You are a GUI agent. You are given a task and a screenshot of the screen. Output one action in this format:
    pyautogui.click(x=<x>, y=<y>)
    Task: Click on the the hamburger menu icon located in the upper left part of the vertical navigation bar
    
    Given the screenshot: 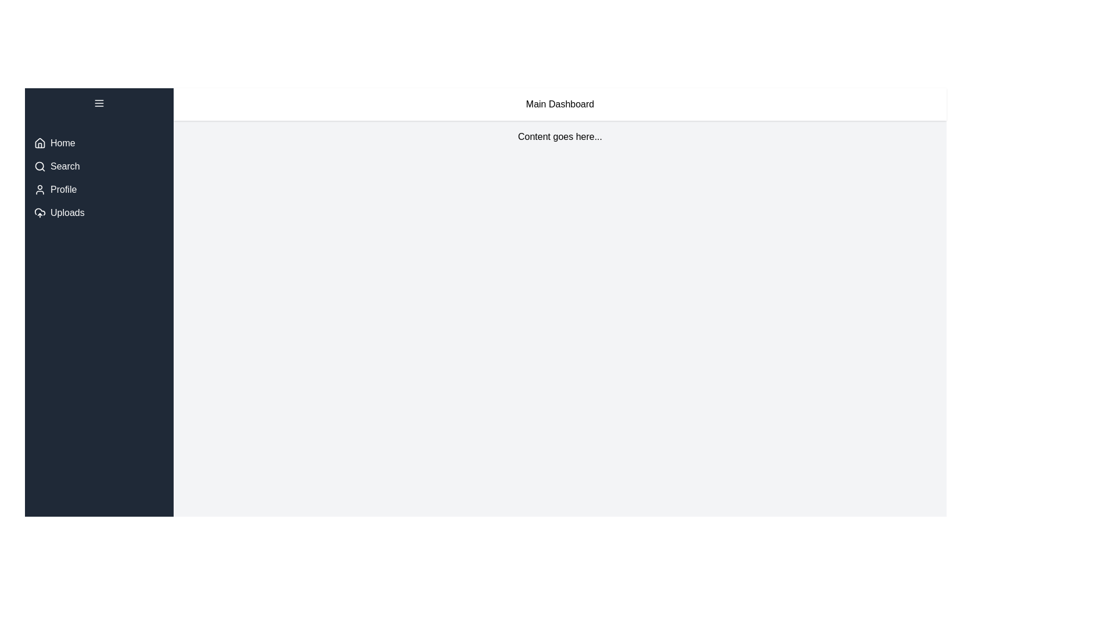 What is the action you would take?
    pyautogui.click(x=99, y=102)
    